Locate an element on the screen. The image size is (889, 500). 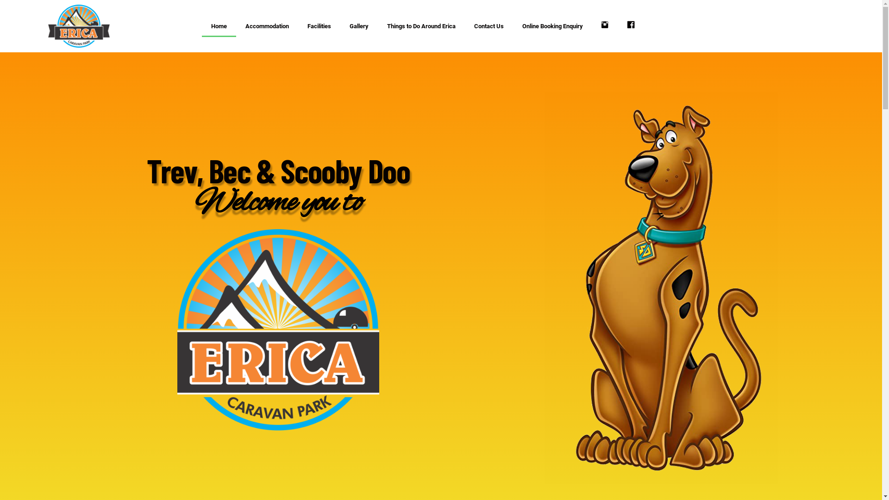
'Gallery' is located at coordinates (358, 26).